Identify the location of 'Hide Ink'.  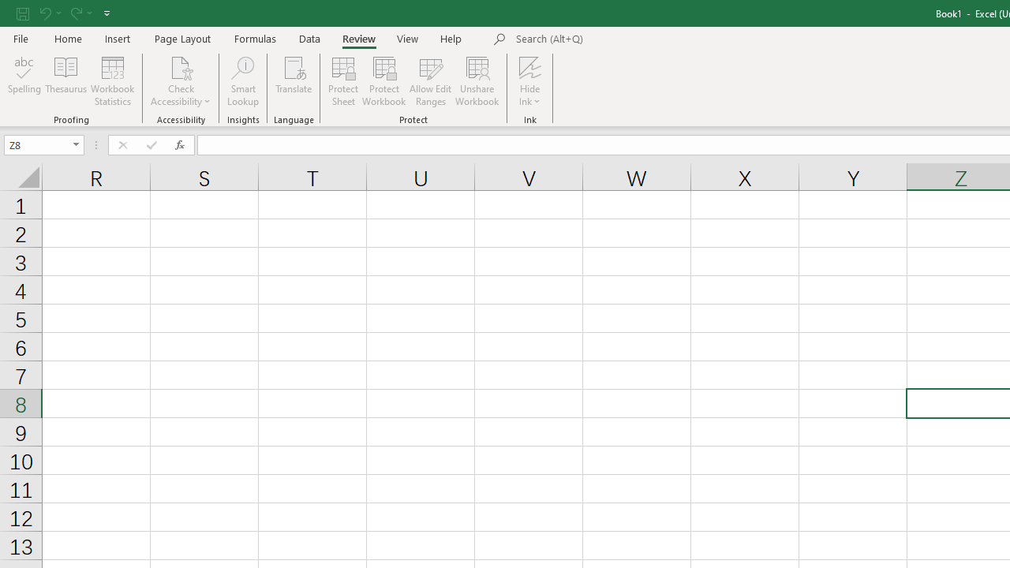
(530, 66).